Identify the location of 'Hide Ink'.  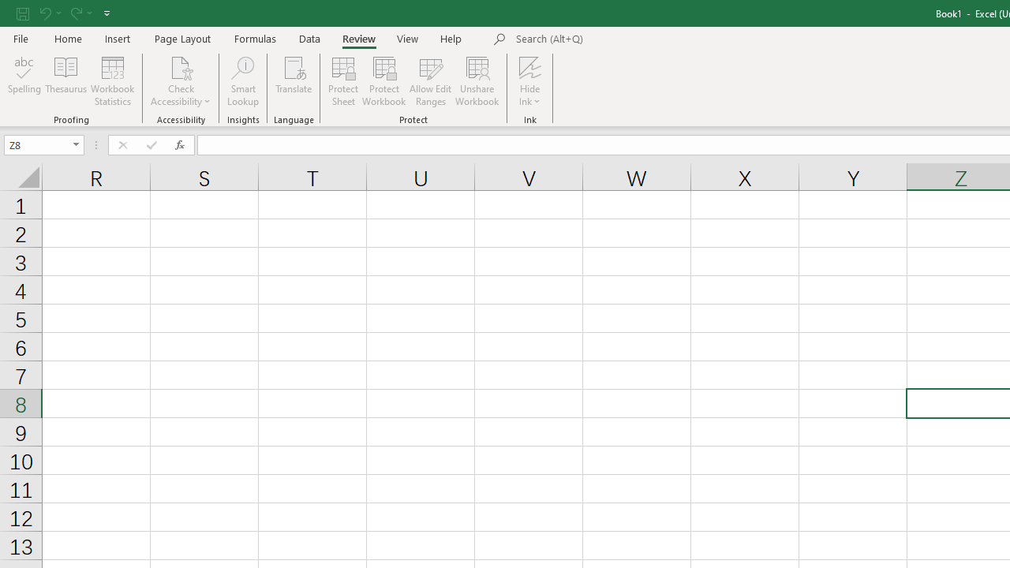
(530, 66).